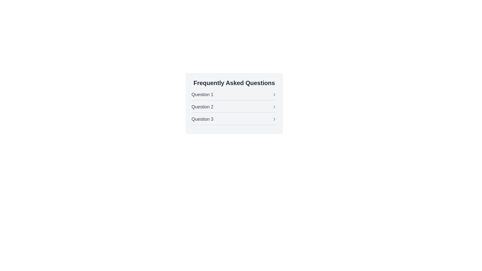  Describe the element at coordinates (274, 95) in the screenshot. I see `the rightward-facing chevron icon located at the rightmost side of the first item ('Question 1') in the 'Frequently Asked Questions' section` at that location.